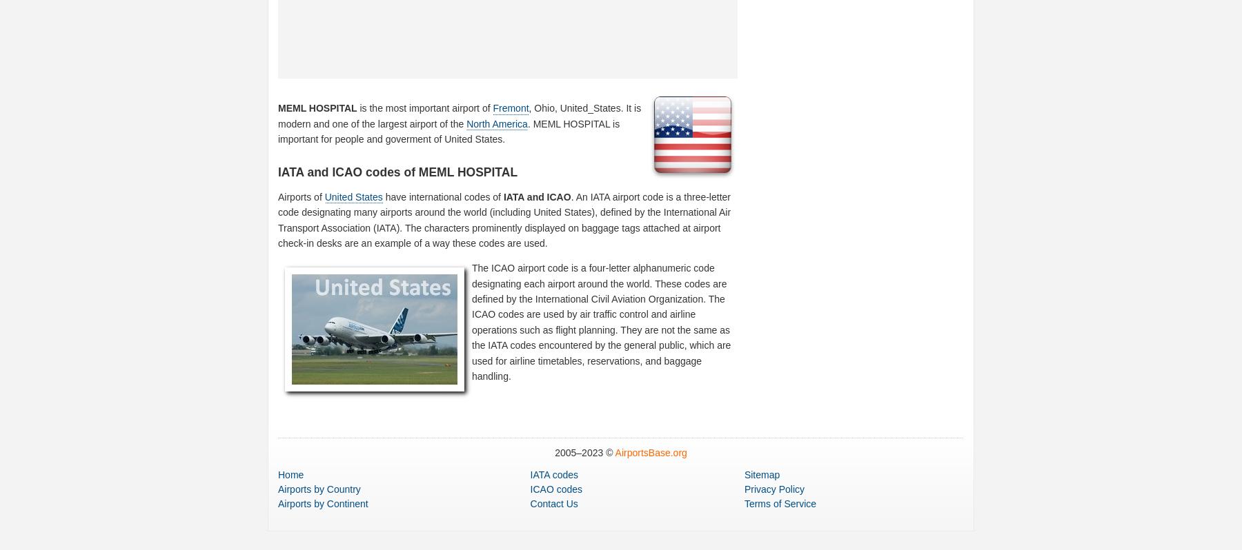  I want to click on '2023 ©', so click(598, 452).